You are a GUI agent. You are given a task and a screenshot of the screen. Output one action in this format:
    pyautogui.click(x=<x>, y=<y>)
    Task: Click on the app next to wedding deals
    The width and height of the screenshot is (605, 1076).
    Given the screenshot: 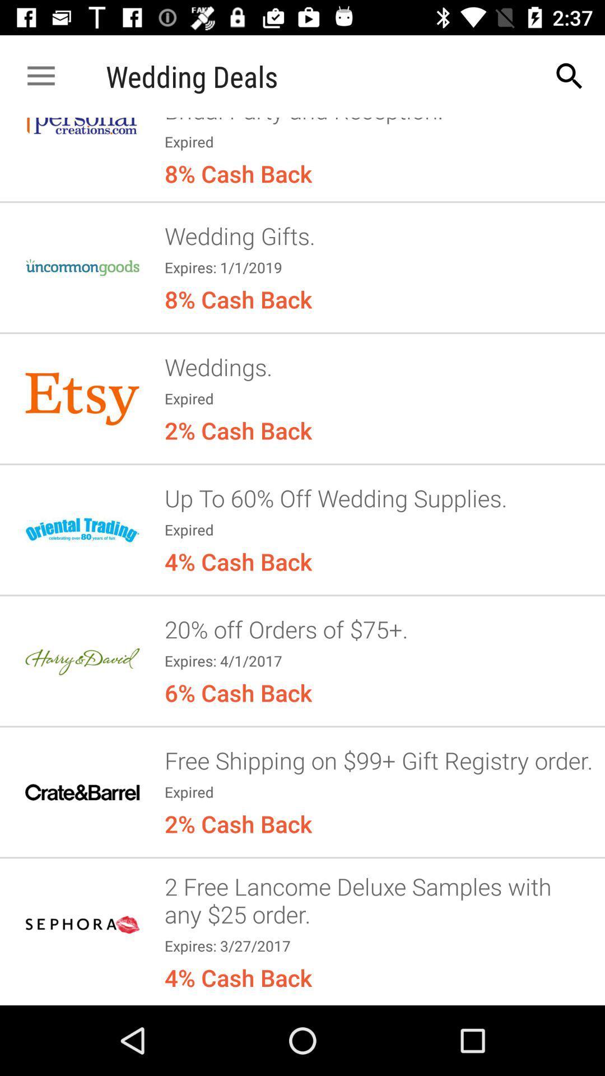 What is the action you would take?
    pyautogui.click(x=40, y=76)
    